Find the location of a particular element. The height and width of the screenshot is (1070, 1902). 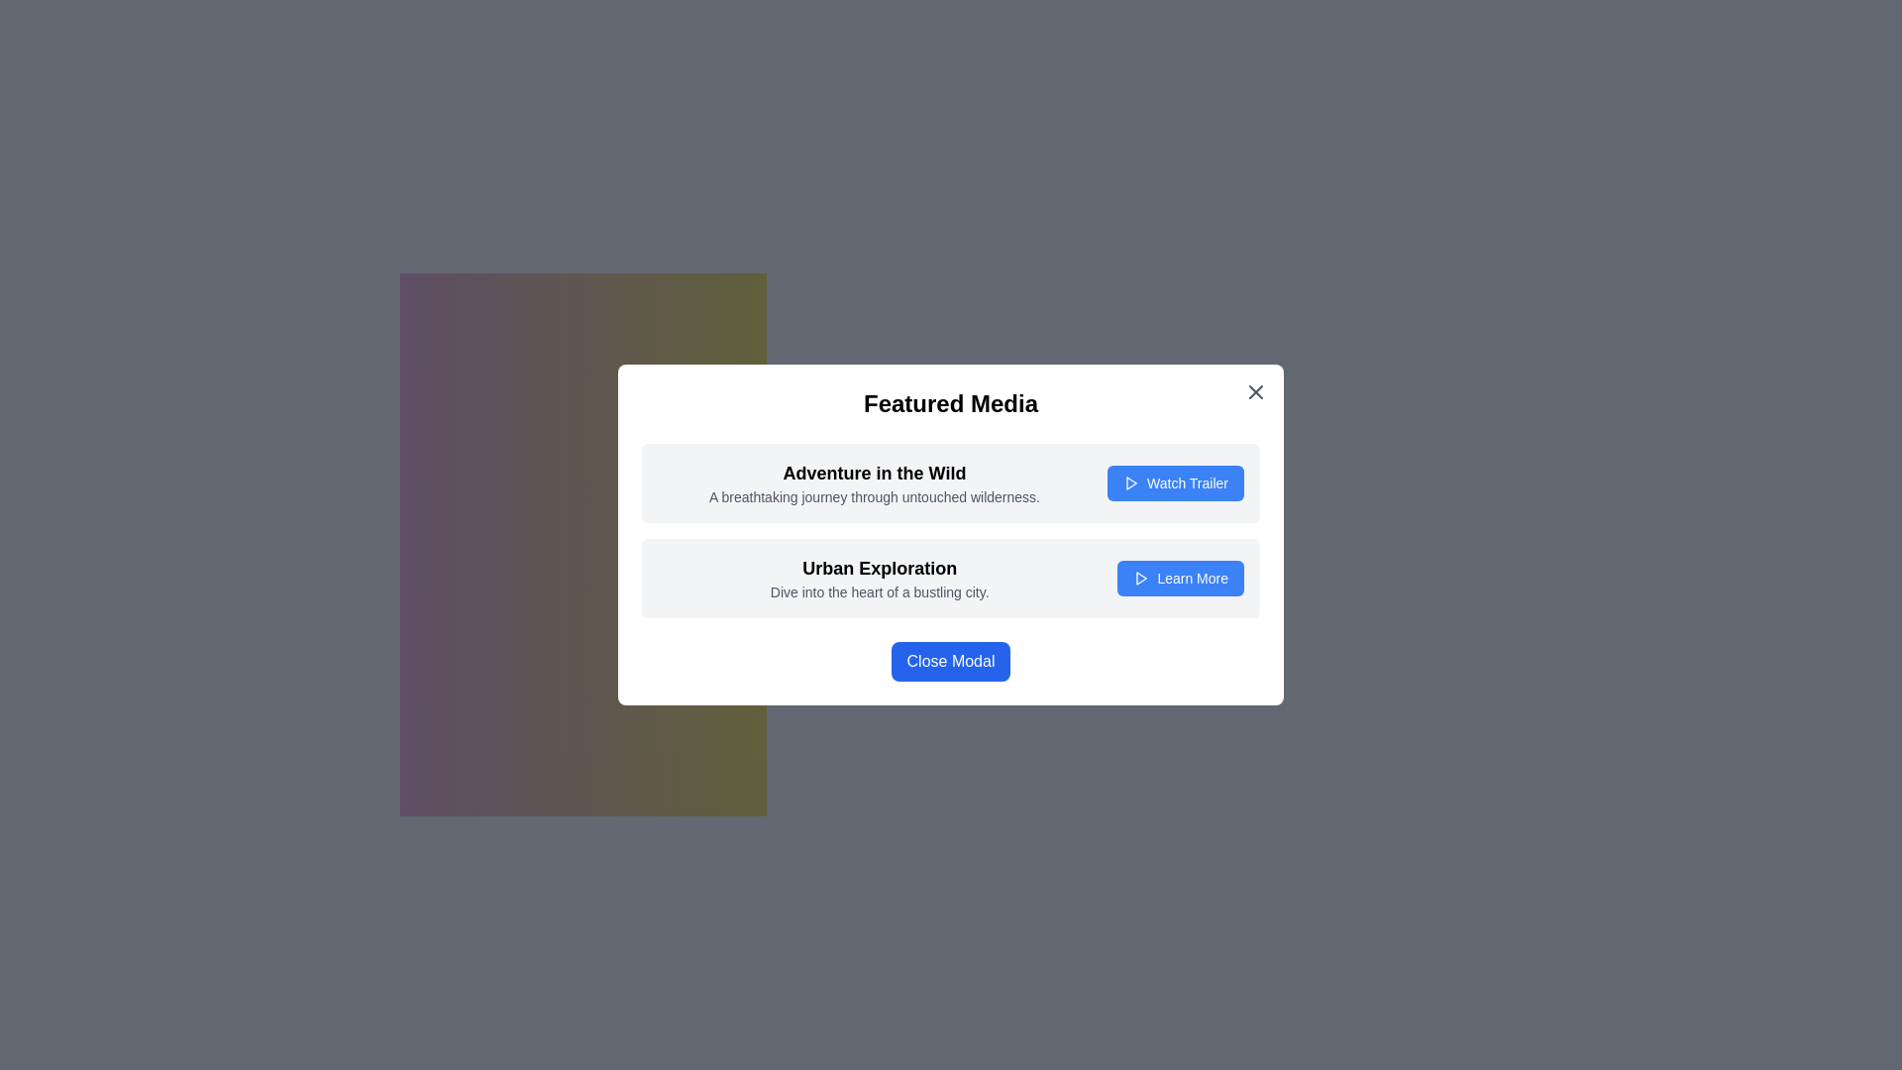

text from the description area titled 'Adventure in the Wild' within the 'Featured Media' modal dialog box is located at coordinates (874, 483).